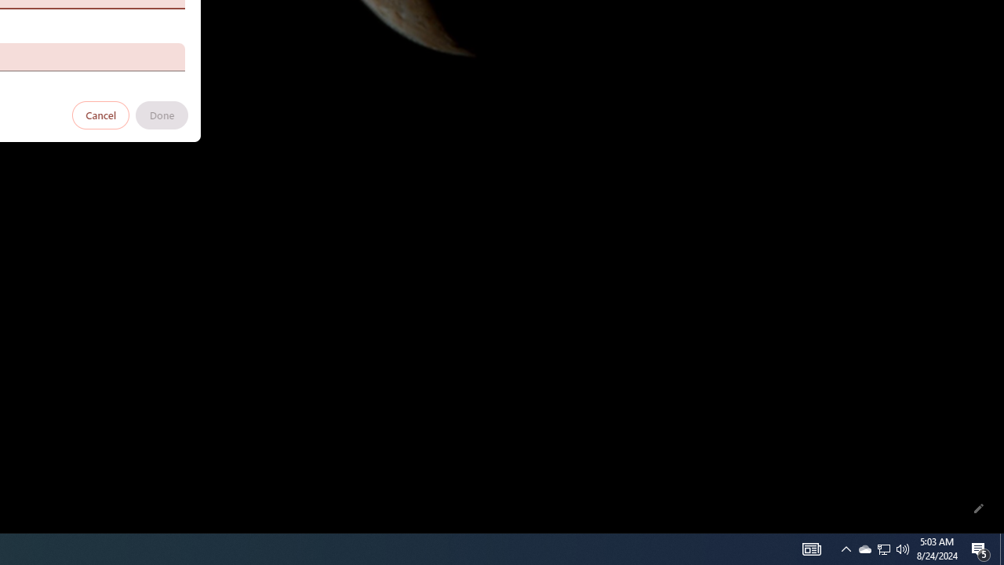 The image size is (1004, 565). I want to click on 'Done', so click(162, 114).